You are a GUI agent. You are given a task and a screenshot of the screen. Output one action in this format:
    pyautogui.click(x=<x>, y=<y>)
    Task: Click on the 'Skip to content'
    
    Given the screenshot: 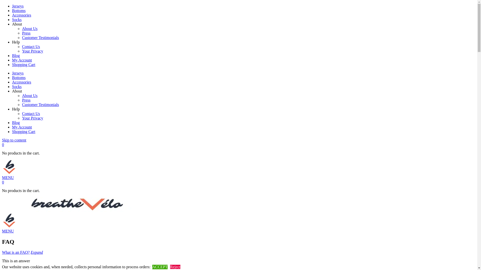 What is the action you would take?
    pyautogui.click(x=14, y=140)
    